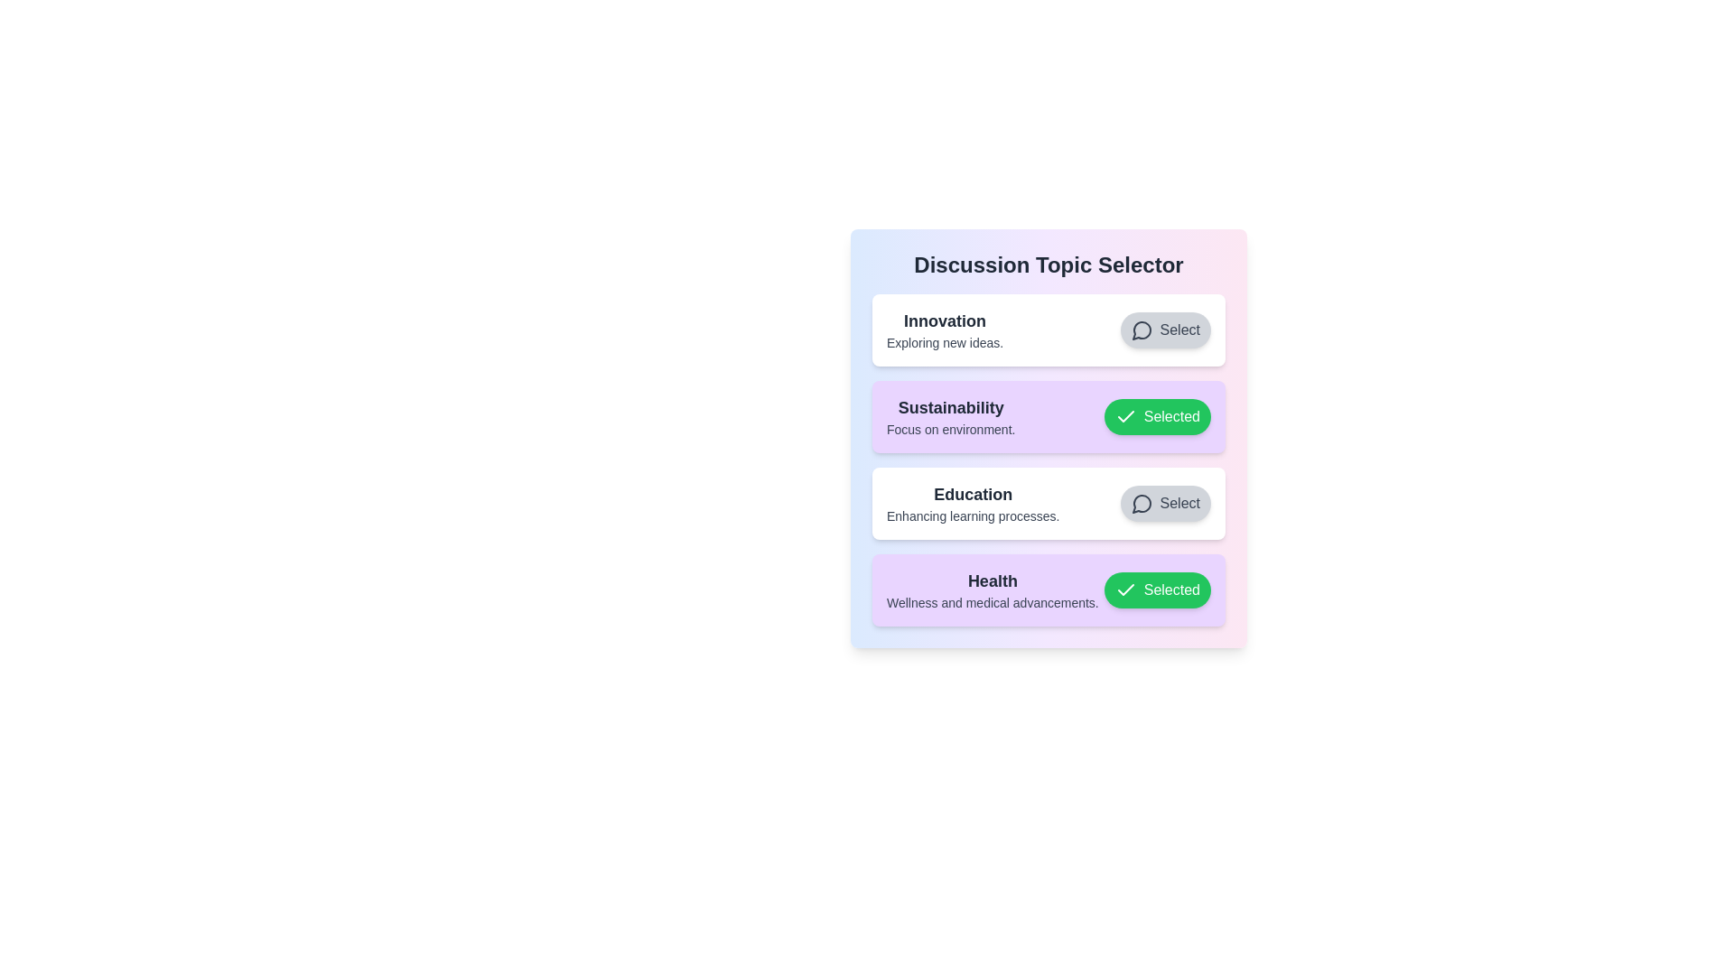  Describe the element at coordinates (1049, 504) in the screenshot. I see `the topic Education to trigger the scaling effect` at that location.